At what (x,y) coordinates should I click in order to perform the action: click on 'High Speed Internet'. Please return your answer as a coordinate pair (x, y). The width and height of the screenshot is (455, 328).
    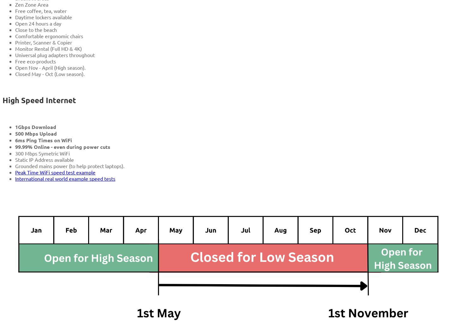
    Looking at the image, I should click on (2, 100).